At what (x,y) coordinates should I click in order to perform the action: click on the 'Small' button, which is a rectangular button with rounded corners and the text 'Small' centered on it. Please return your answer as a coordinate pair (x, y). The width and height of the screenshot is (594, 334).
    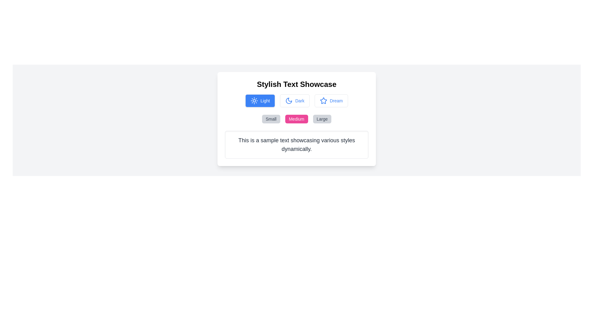
    Looking at the image, I should click on (271, 119).